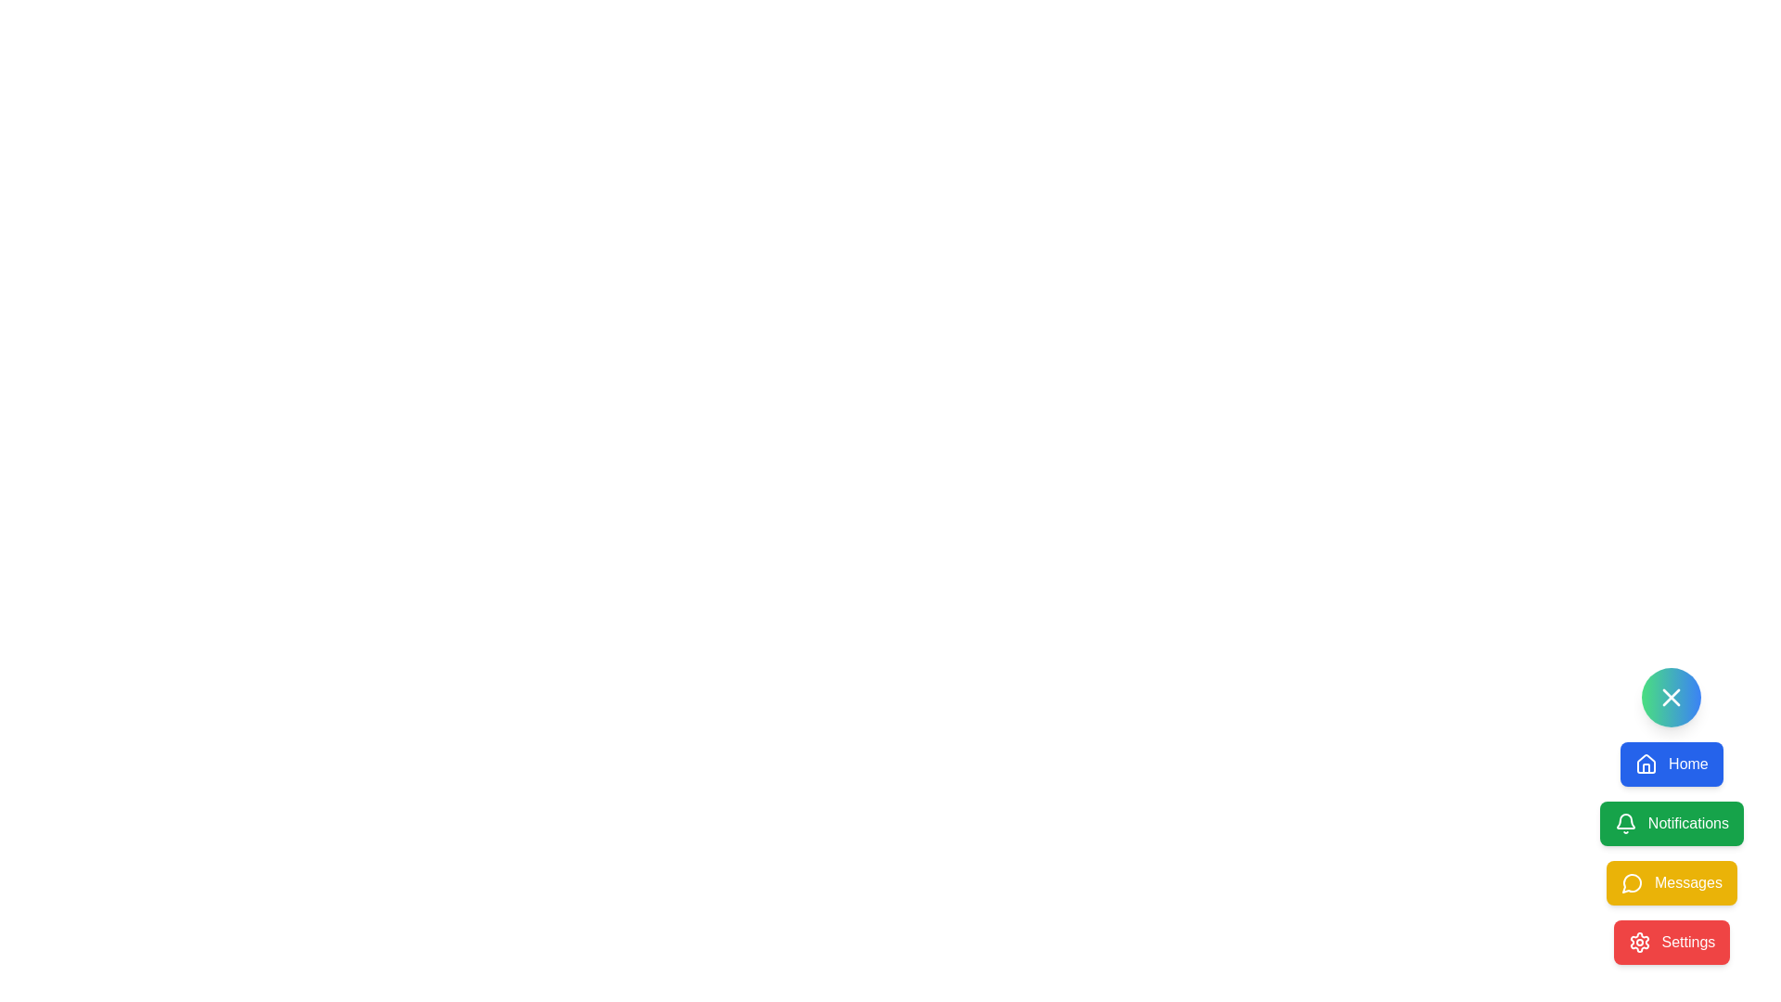 The height and width of the screenshot is (1002, 1781). What do you see at coordinates (1631, 882) in the screenshot?
I see `the 'Messages' icon located within the yellow button labeled 'Messages', which is the third button in a vertical stack of similar buttons` at bounding box center [1631, 882].